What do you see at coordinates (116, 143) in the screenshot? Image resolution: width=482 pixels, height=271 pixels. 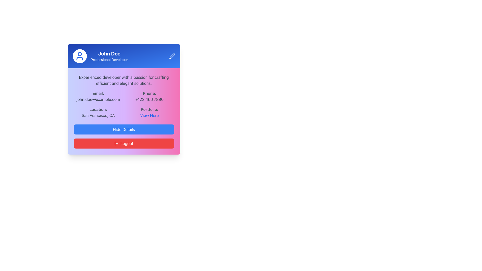 I see `attributes of the logout icon, which is a minimalist arrow pointing outward from a box, located to the left of the text in the 'Logout' button at the bottom center of the profile card` at bounding box center [116, 143].